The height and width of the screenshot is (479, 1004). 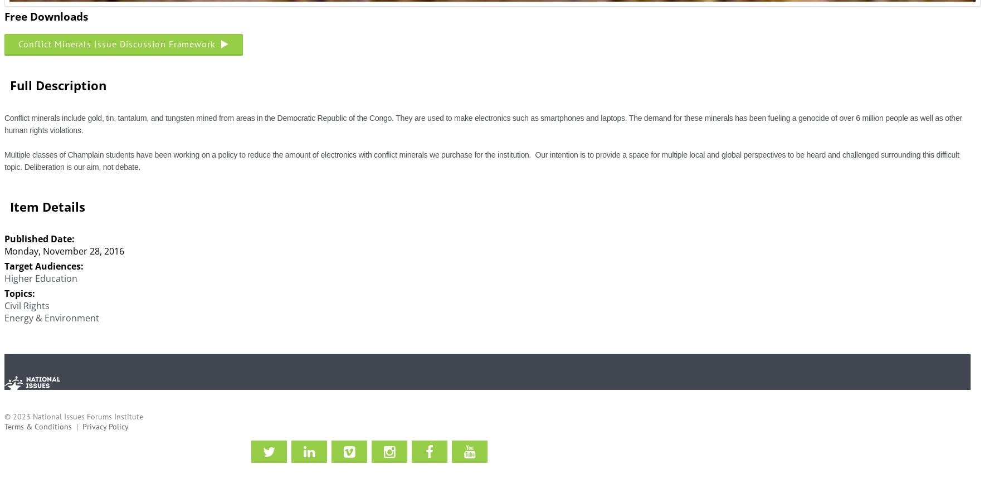 I want to click on 'Item Details', so click(x=47, y=206).